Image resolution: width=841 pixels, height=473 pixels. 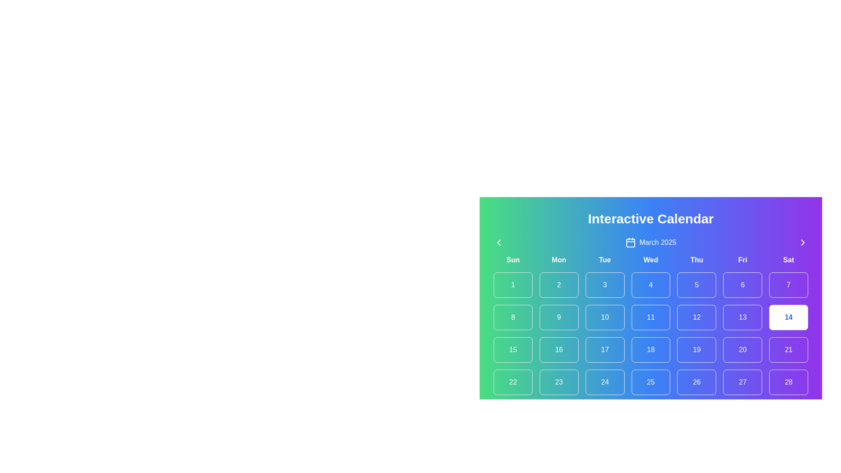 I want to click on the Text button representing the day '2' in the calendar interface, so click(x=558, y=285).